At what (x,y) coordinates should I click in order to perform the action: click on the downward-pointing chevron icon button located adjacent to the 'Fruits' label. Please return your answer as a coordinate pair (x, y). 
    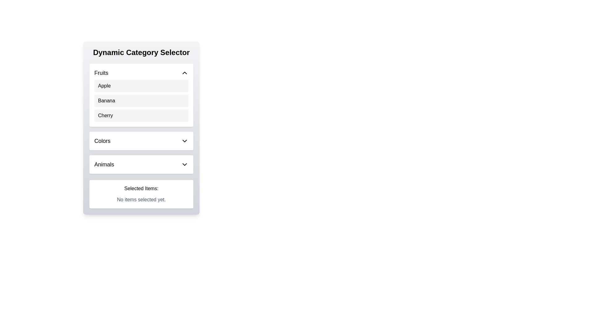
    Looking at the image, I should click on (184, 72).